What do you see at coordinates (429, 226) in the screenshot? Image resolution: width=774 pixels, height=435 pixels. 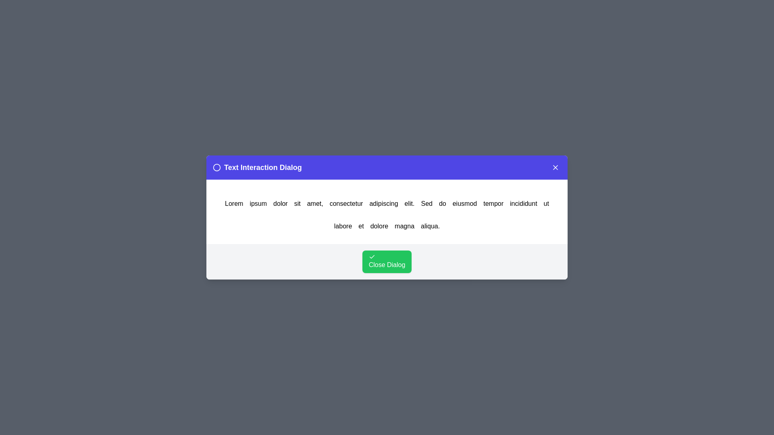 I see `the word aliqua. in the text to trigger an alert displaying the clicked word` at bounding box center [429, 226].